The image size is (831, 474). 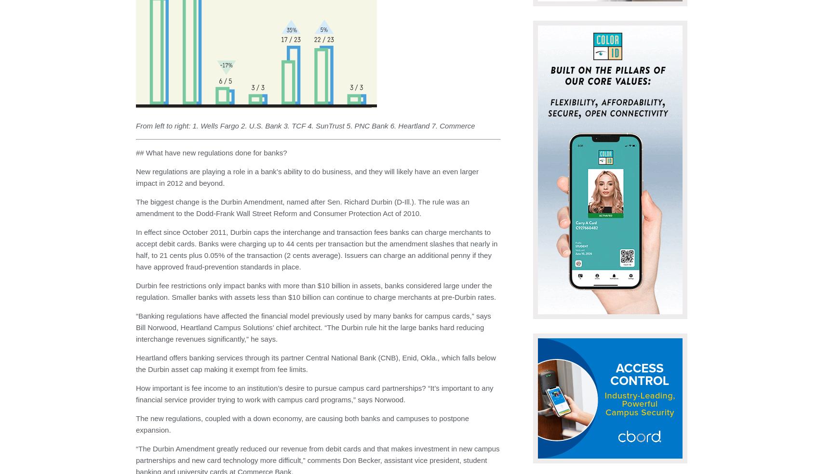 I want to click on 'The biggest change is the Durbin Amendment, named after Sen. Richard Durbin (D-Ill.). The rule was an amendment to the Dodd-Frank Wall Street Reform and Consumer Protection Act of 2010.', so click(x=302, y=207).